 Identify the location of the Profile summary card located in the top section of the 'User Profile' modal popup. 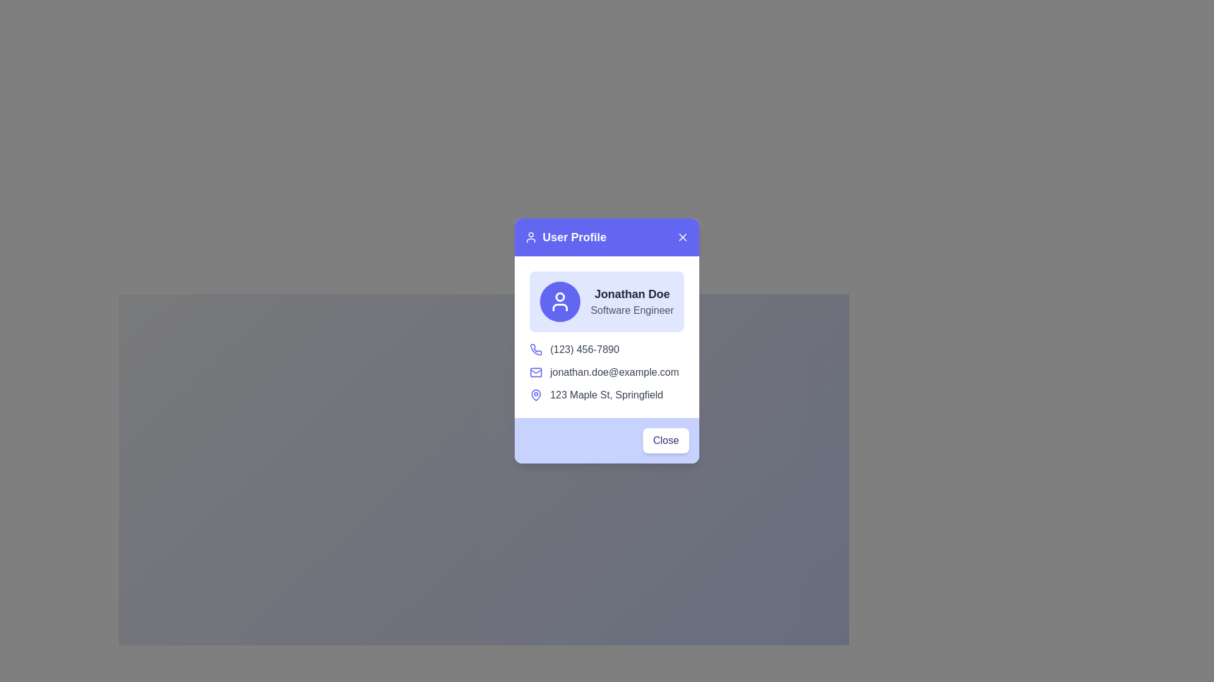
(607, 302).